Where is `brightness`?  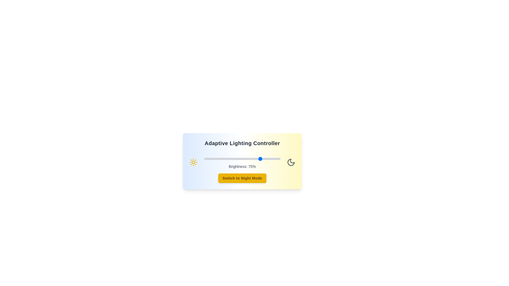
brightness is located at coordinates (235, 159).